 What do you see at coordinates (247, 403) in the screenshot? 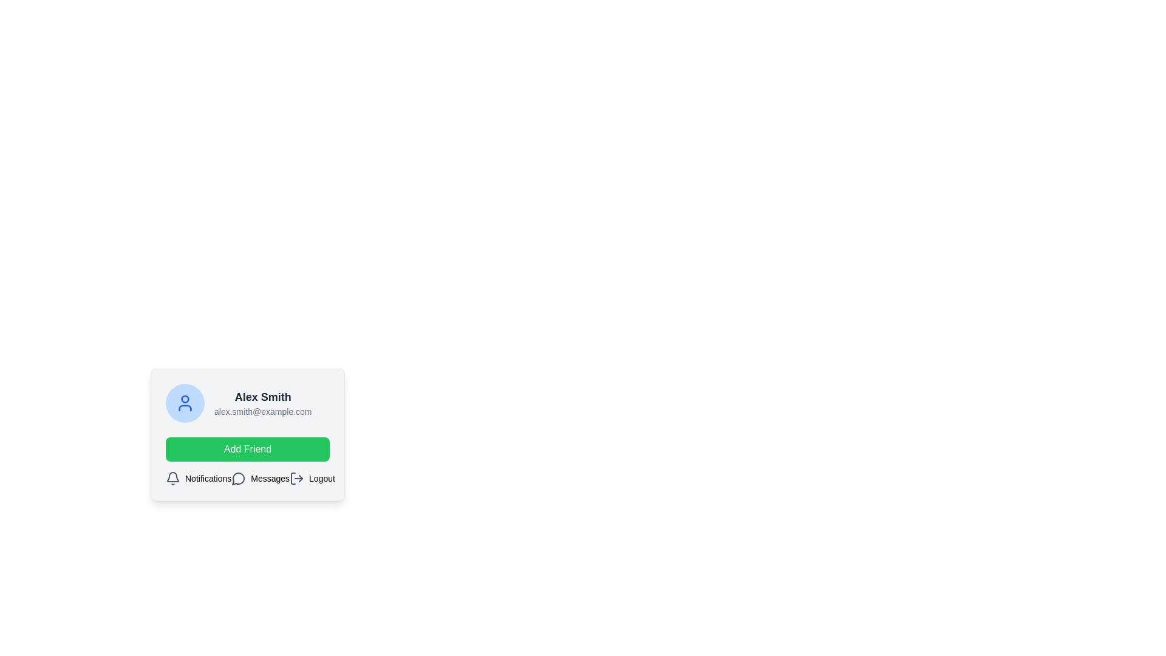
I see `the User profile display section that includes a circular profile icon and the name 'Alex Smith'` at bounding box center [247, 403].